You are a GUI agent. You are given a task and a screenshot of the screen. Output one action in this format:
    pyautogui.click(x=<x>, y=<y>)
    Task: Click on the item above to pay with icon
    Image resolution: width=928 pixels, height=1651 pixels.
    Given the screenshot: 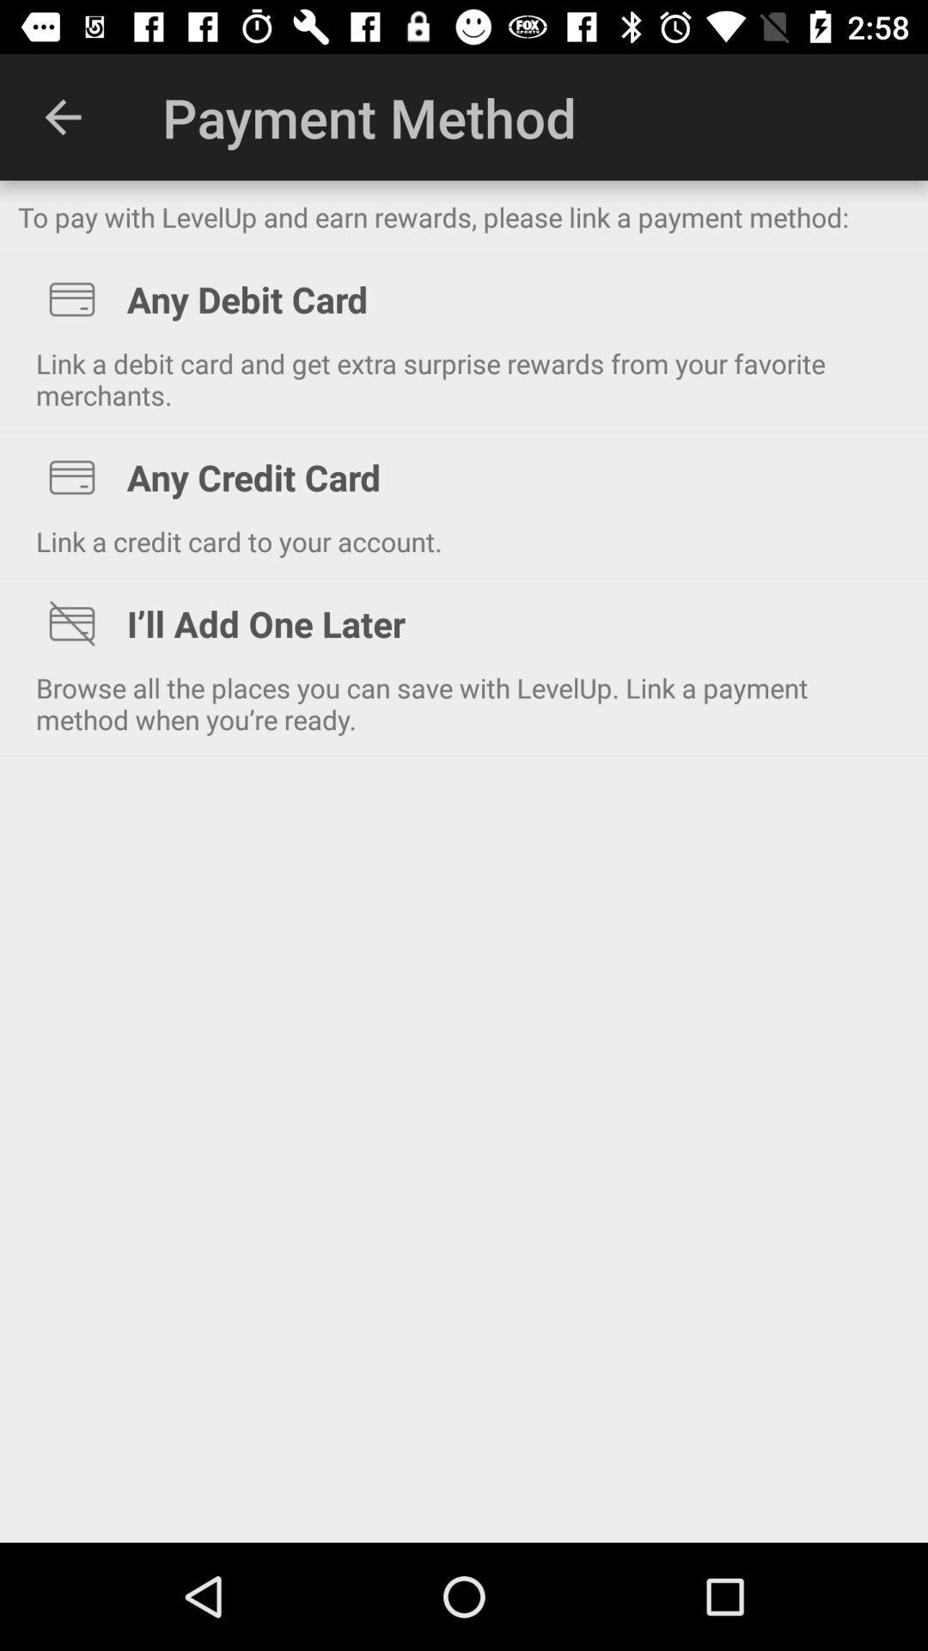 What is the action you would take?
    pyautogui.click(x=62, y=116)
    